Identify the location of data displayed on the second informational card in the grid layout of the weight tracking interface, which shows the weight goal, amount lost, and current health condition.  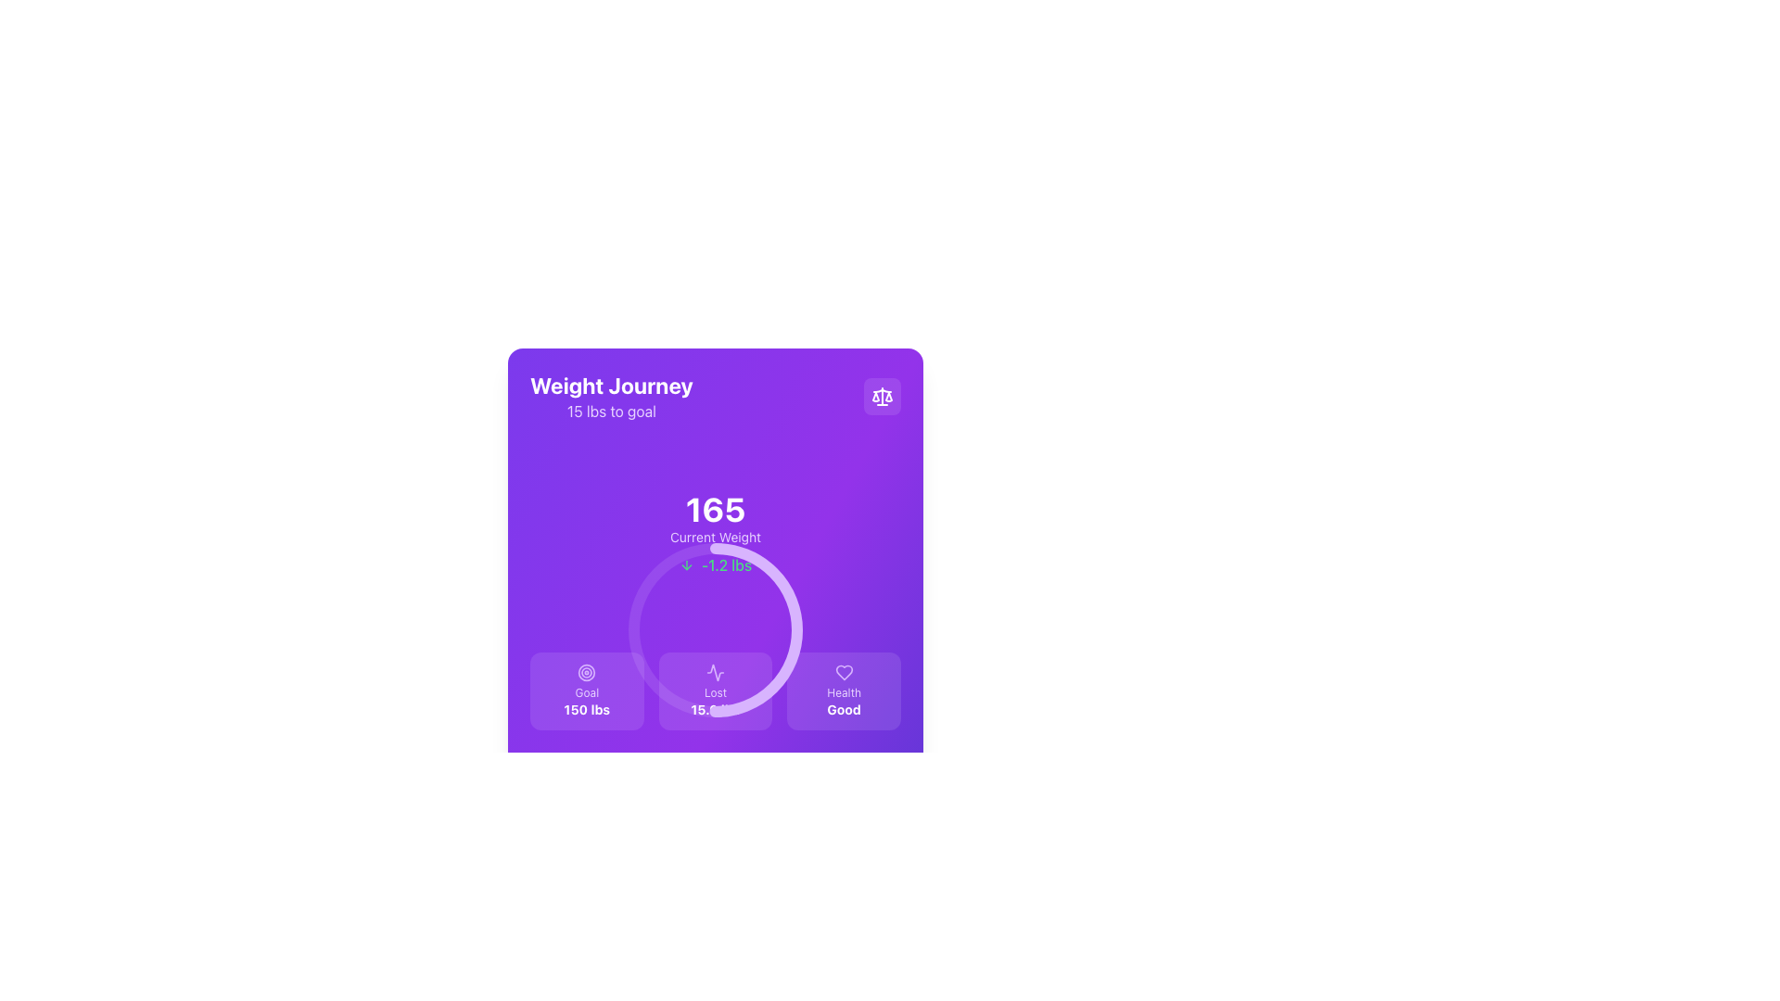
(715, 691).